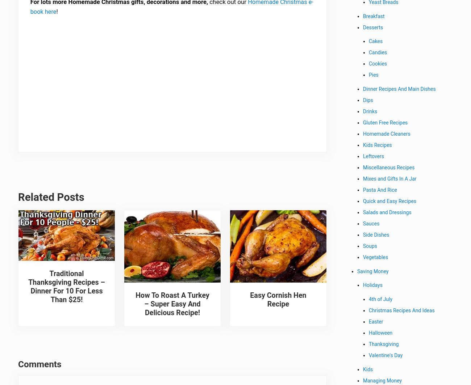 The width and height of the screenshot is (471, 385). What do you see at coordinates (368, 322) in the screenshot?
I see `'Easter'` at bounding box center [368, 322].